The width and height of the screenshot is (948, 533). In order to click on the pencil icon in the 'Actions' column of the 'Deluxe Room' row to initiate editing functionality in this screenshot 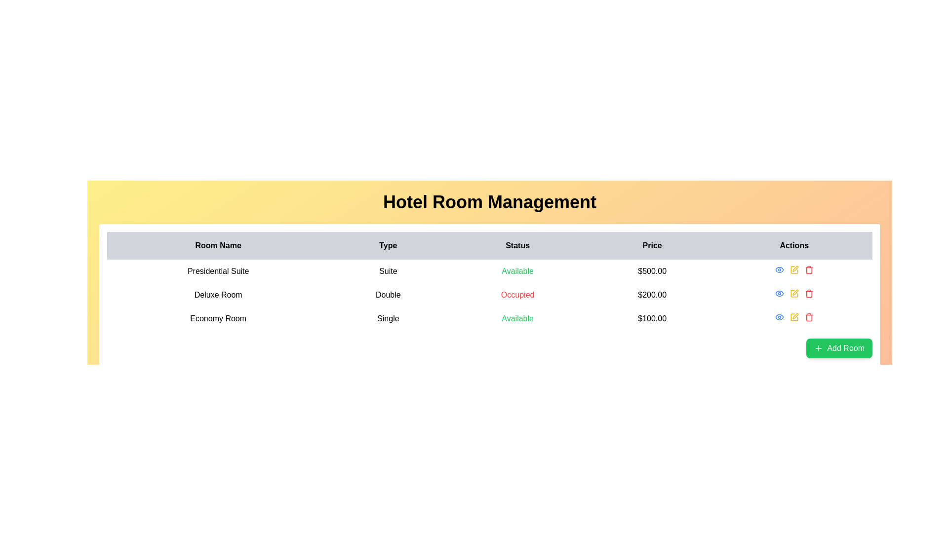, I will do `click(794, 293)`.